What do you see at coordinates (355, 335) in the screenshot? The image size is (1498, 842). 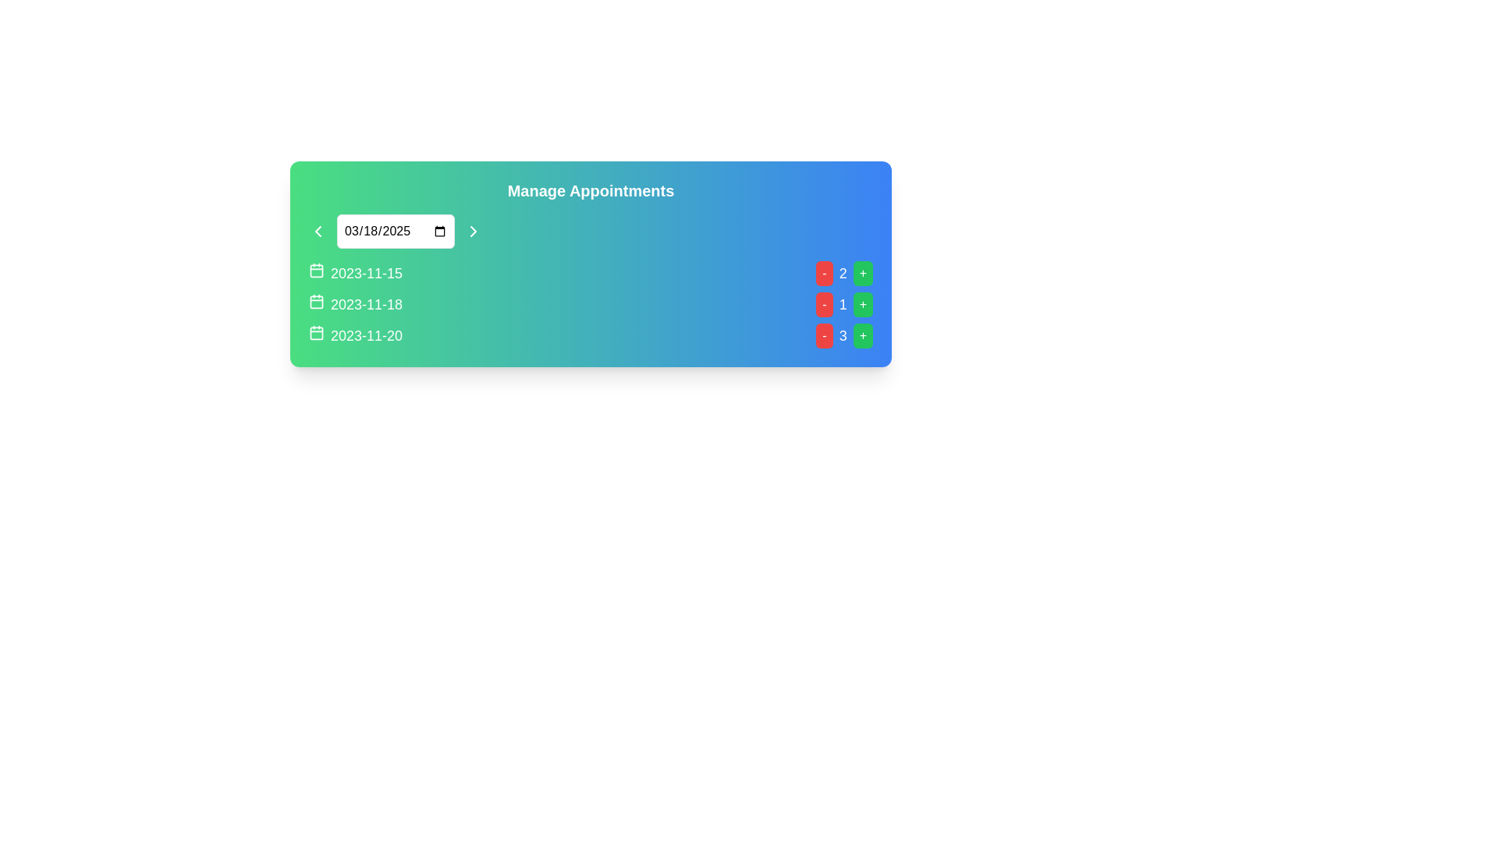 I see `date information displayed in the third entry of the date list on the left-hand side of the 'Manage Appointments' interface, which is located below the '2023-11-18' date item` at bounding box center [355, 335].